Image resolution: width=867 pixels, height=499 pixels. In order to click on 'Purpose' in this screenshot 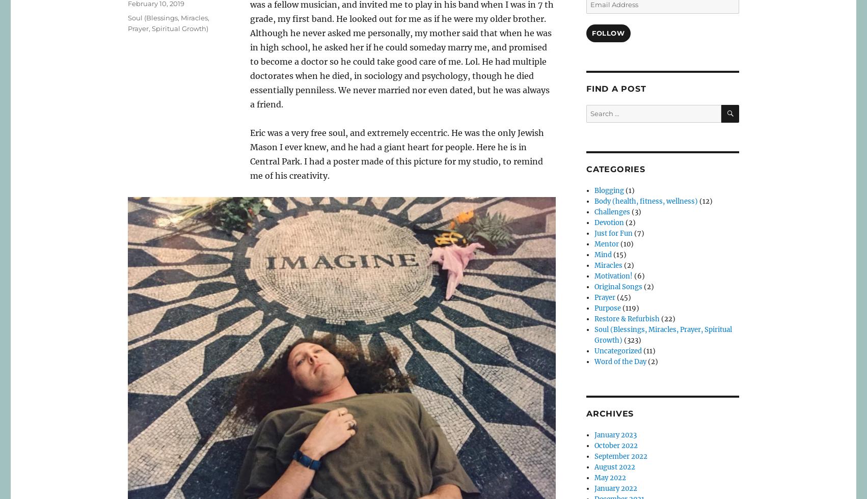, I will do `click(607, 308)`.